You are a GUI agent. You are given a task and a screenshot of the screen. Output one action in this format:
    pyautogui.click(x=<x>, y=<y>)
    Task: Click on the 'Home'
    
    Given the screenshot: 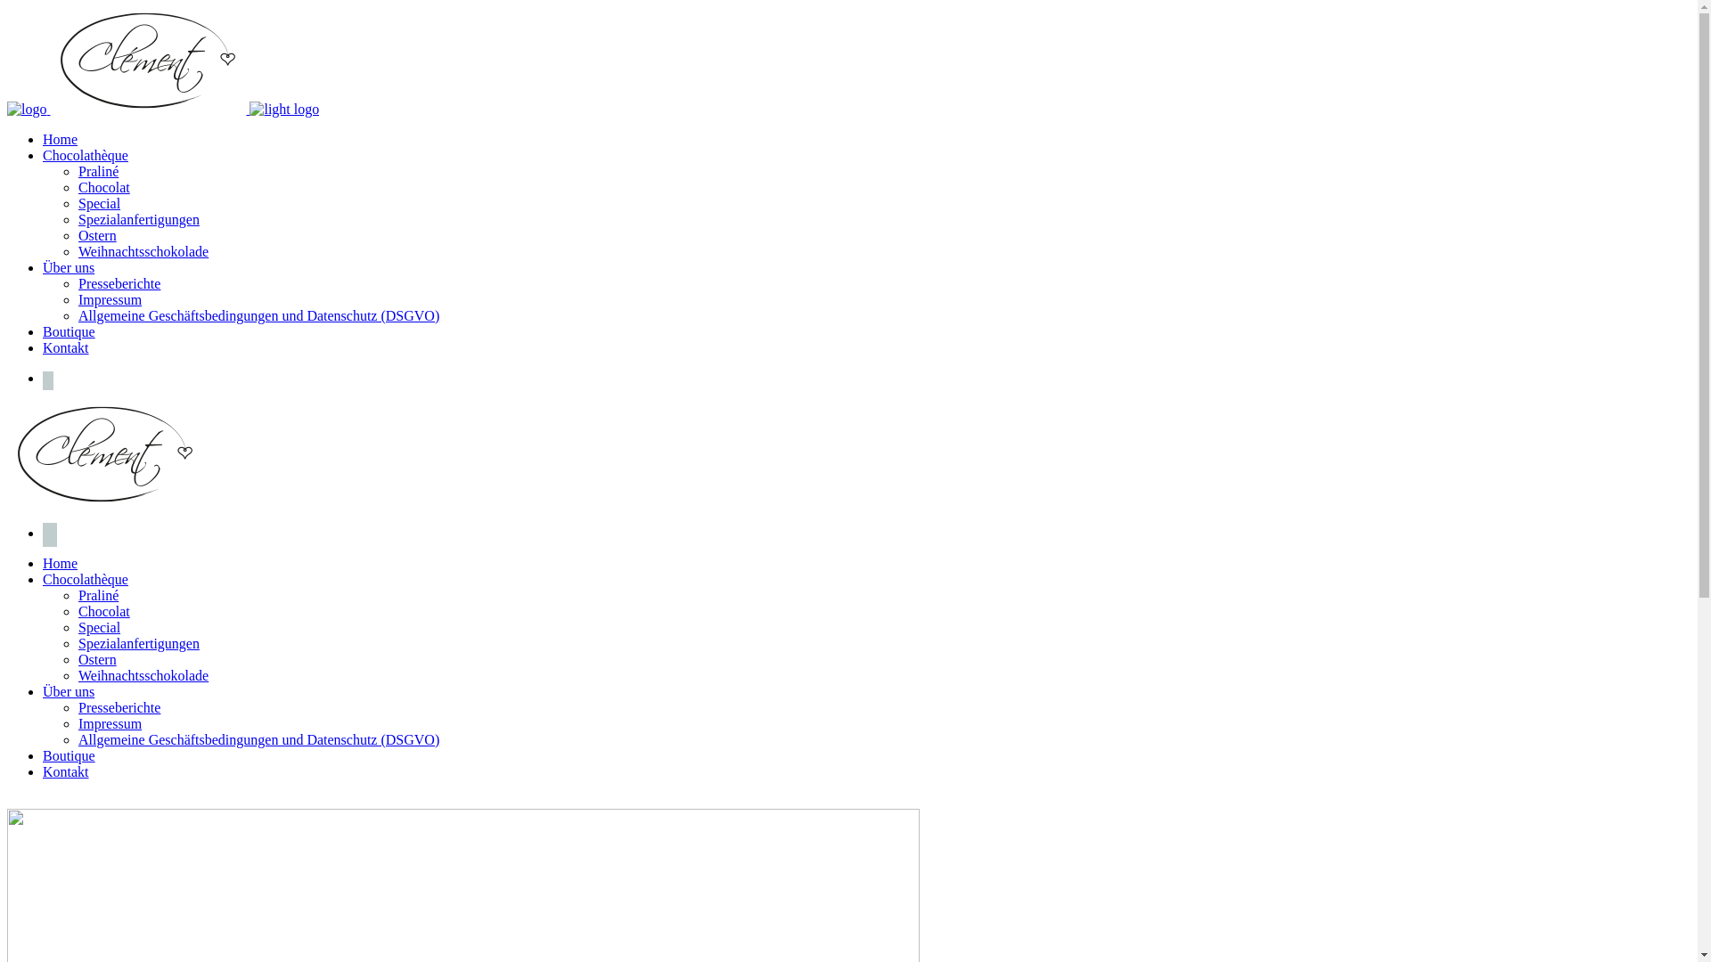 What is the action you would take?
    pyautogui.click(x=60, y=563)
    